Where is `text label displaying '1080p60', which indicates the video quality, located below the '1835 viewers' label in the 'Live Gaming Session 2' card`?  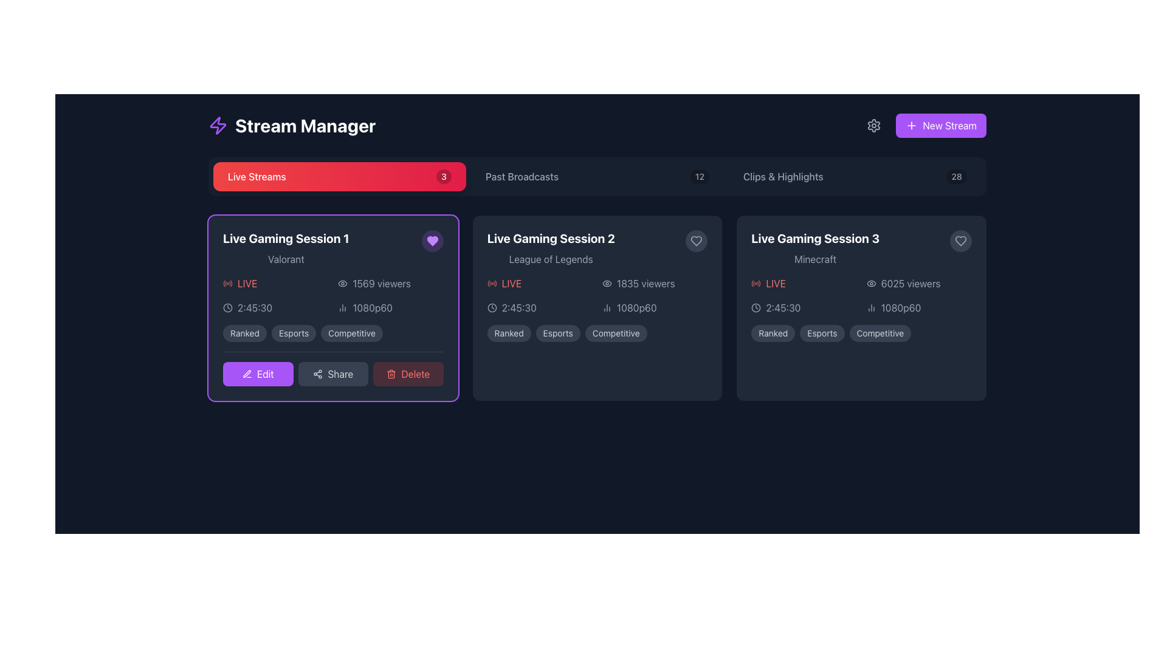
text label displaying '1080p60', which indicates the video quality, located below the '1835 viewers' label in the 'Live Gaming Session 2' card is located at coordinates (636, 307).